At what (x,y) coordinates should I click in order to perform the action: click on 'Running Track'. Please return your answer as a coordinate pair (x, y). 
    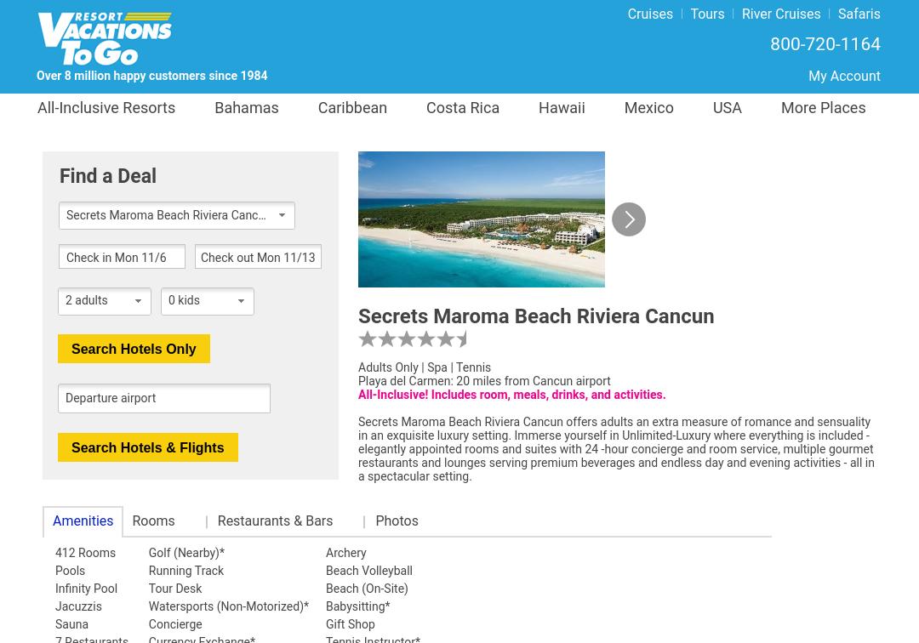
    Looking at the image, I should click on (186, 571).